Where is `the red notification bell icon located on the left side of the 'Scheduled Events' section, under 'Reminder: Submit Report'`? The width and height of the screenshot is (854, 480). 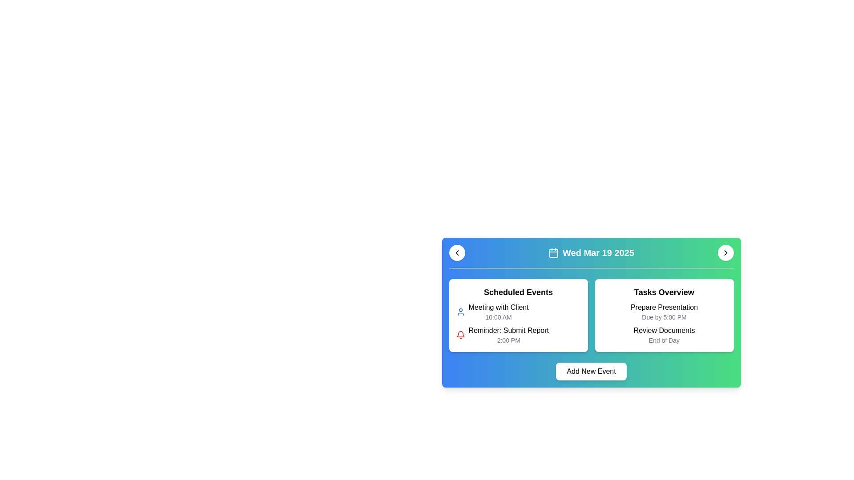
the red notification bell icon located on the left side of the 'Scheduled Events' section, under 'Reminder: Submit Report' is located at coordinates (460, 335).